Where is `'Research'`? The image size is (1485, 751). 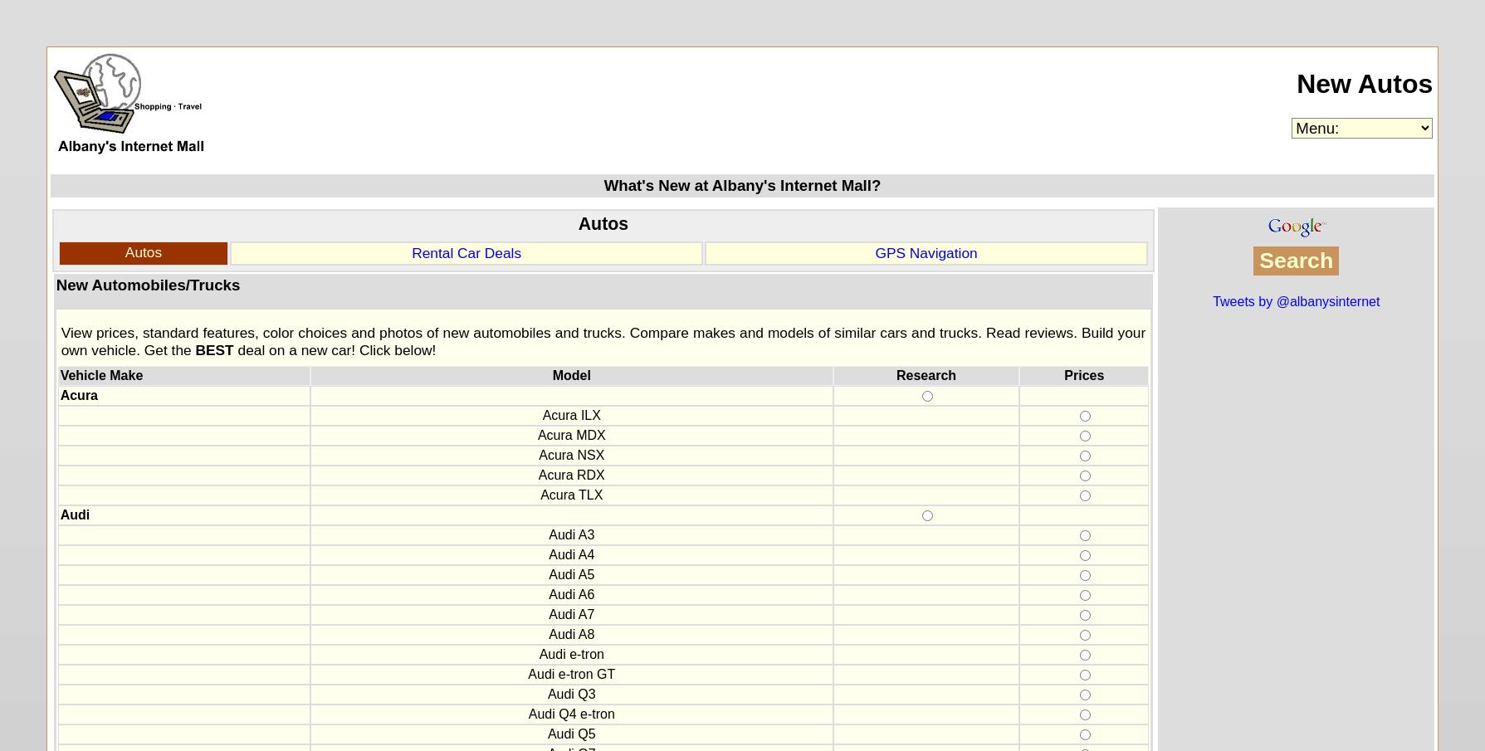
'Research' is located at coordinates (925, 374).